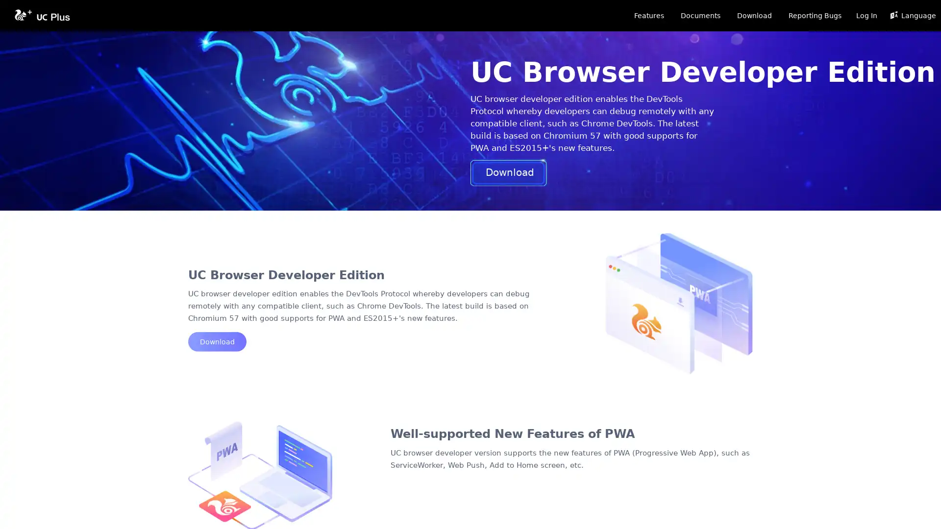 This screenshot has width=941, height=529. What do you see at coordinates (815, 15) in the screenshot?
I see `Reporting Bugs` at bounding box center [815, 15].